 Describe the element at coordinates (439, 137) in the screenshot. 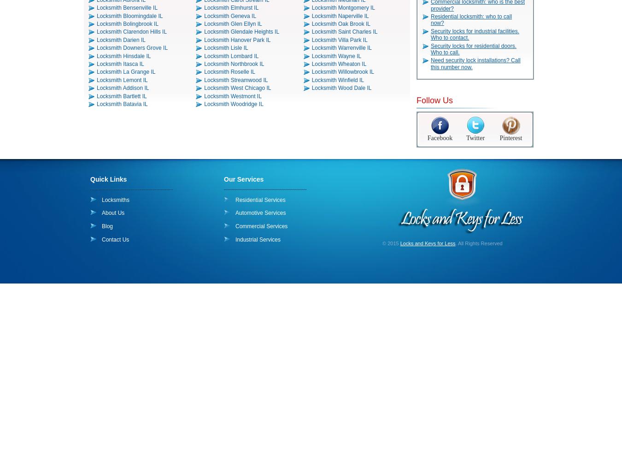

I see `'Facebook'` at that location.